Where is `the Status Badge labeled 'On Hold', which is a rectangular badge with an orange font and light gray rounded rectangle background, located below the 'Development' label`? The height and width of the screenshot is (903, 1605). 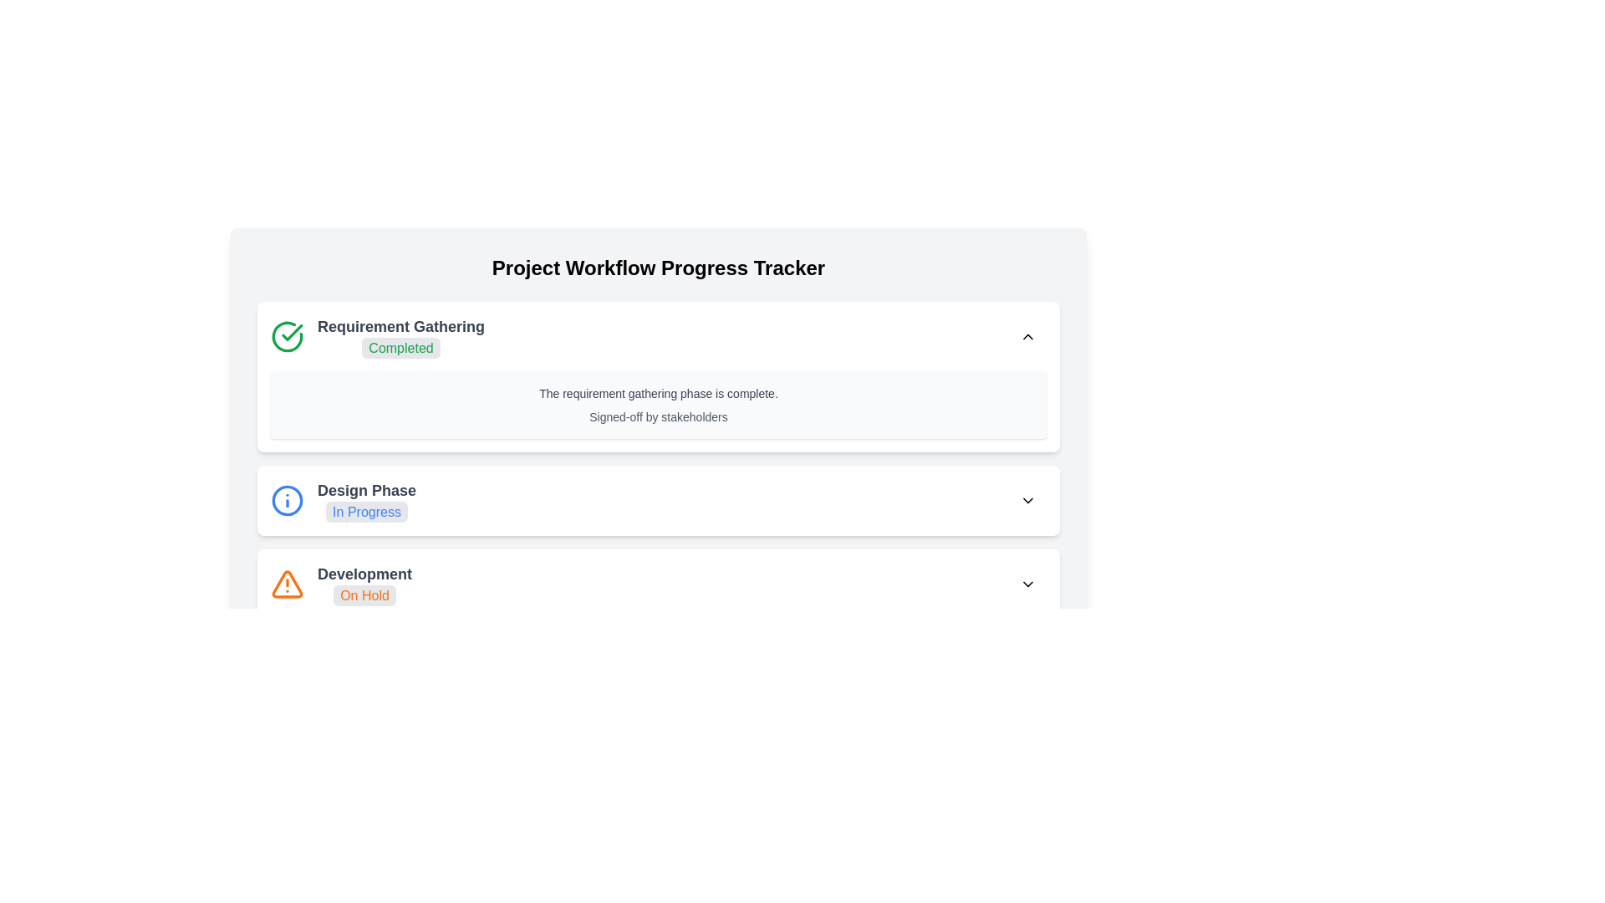
the Status Badge labeled 'On Hold', which is a rectangular badge with an orange font and light gray rounded rectangle background, located below the 'Development' label is located at coordinates (364, 594).